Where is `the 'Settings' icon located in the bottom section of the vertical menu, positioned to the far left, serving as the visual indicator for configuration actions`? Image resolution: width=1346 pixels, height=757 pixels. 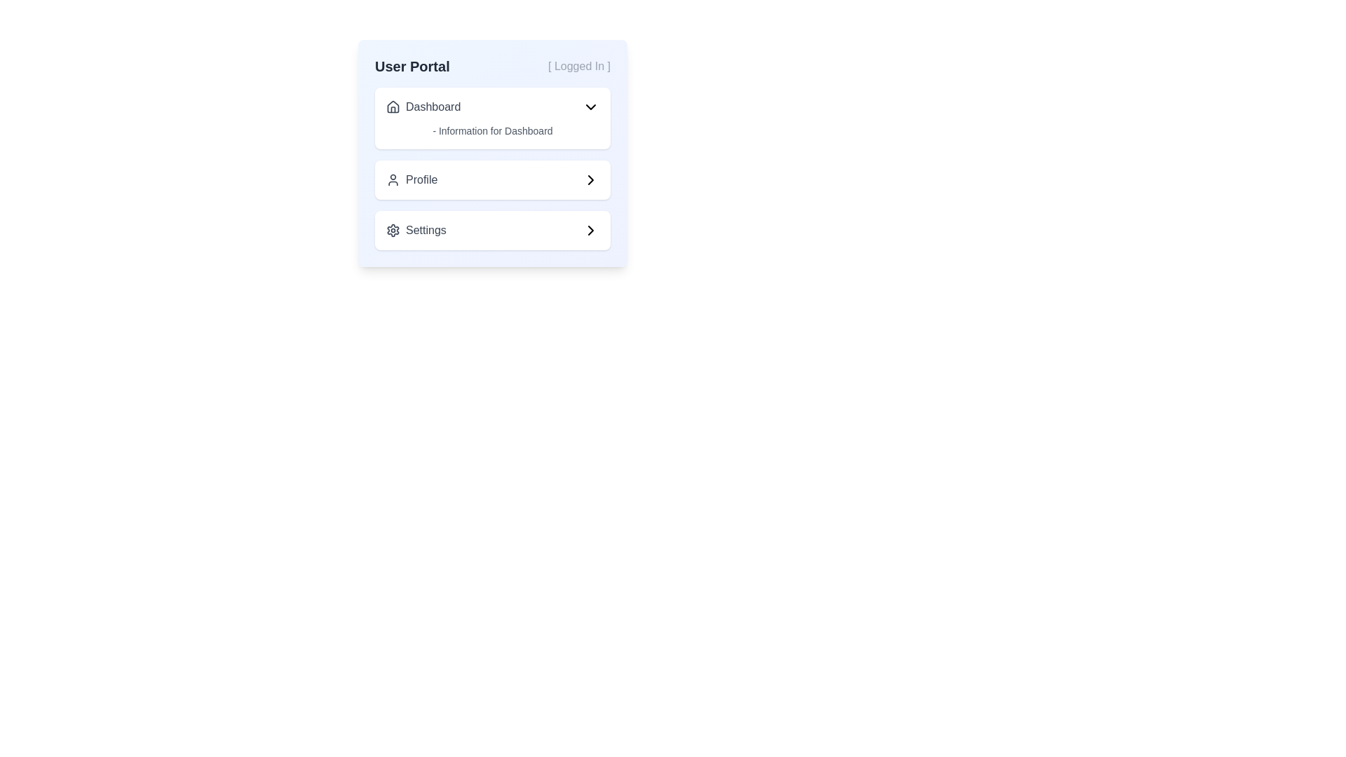 the 'Settings' icon located in the bottom section of the vertical menu, positioned to the far left, serving as the visual indicator for configuration actions is located at coordinates (393, 229).